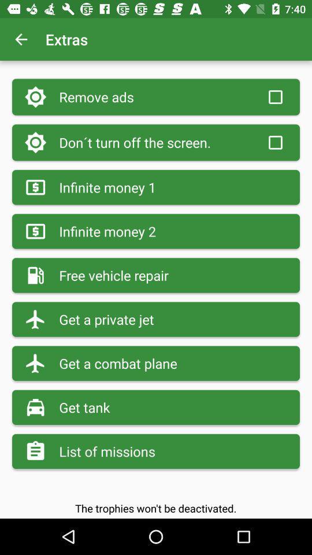 This screenshot has height=555, width=312. What do you see at coordinates (274, 97) in the screenshot?
I see `icon to the right of remove ads` at bounding box center [274, 97].